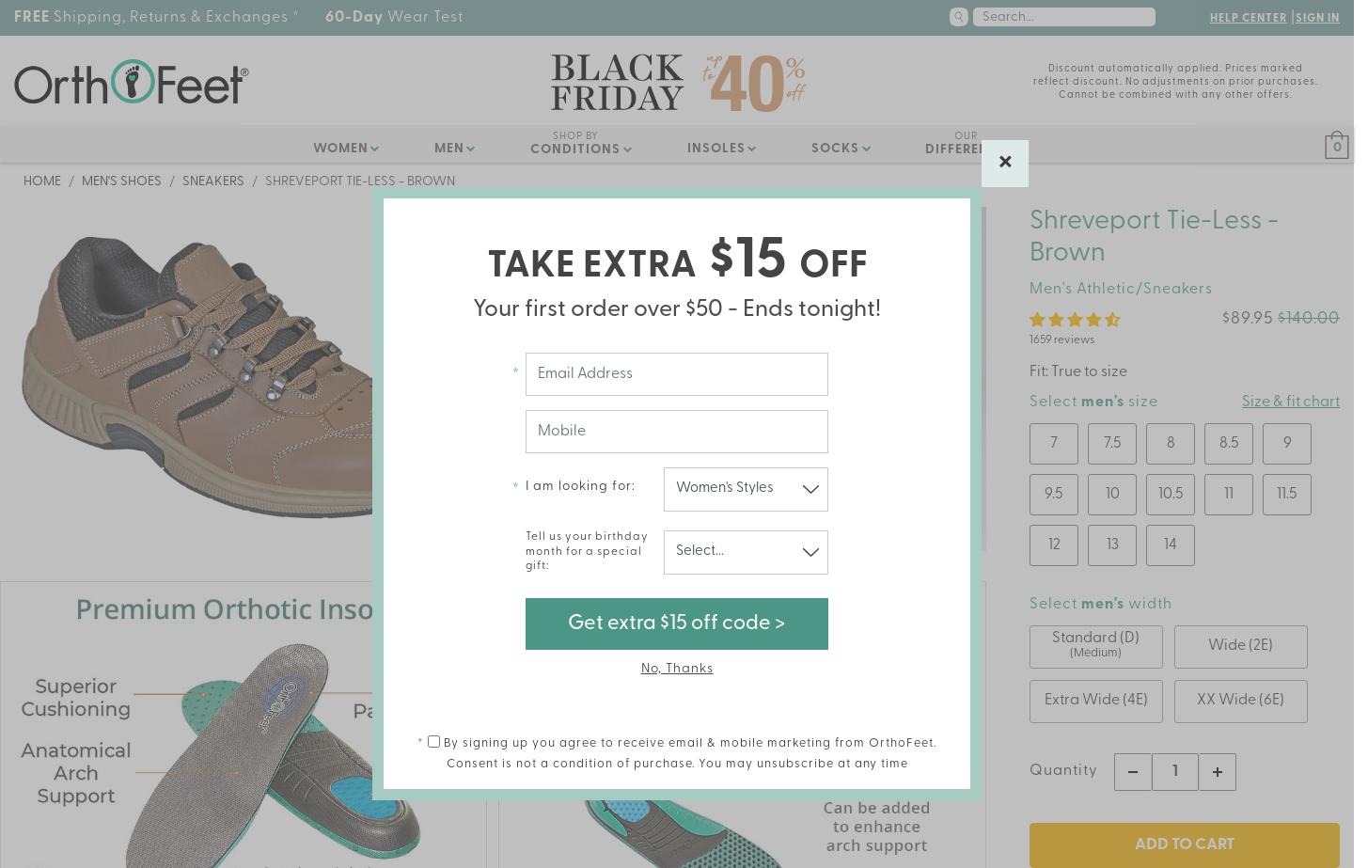  What do you see at coordinates (1289, 18) in the screenshot?
I see `'|'` at bounding box center [1289, 18].